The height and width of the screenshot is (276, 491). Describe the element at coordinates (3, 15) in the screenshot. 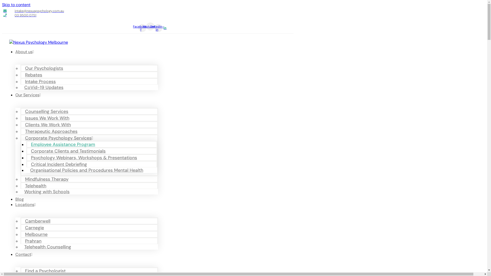

I see `'03 9500 0751'` at that location.